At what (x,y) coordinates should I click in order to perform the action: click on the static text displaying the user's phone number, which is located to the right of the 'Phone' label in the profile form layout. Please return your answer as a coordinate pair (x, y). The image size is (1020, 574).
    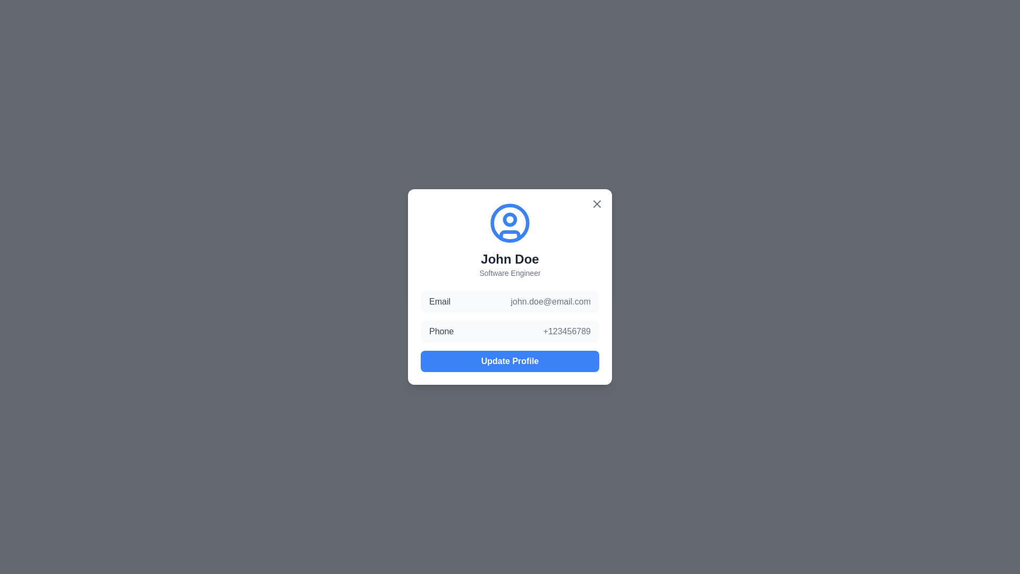
    Looking at the image, I should click on (566, 331).